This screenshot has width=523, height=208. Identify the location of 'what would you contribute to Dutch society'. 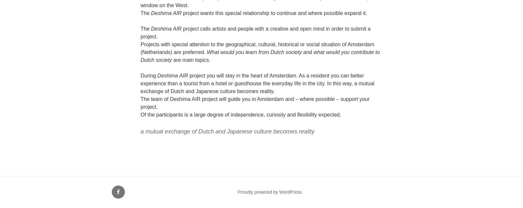
(260, 56).